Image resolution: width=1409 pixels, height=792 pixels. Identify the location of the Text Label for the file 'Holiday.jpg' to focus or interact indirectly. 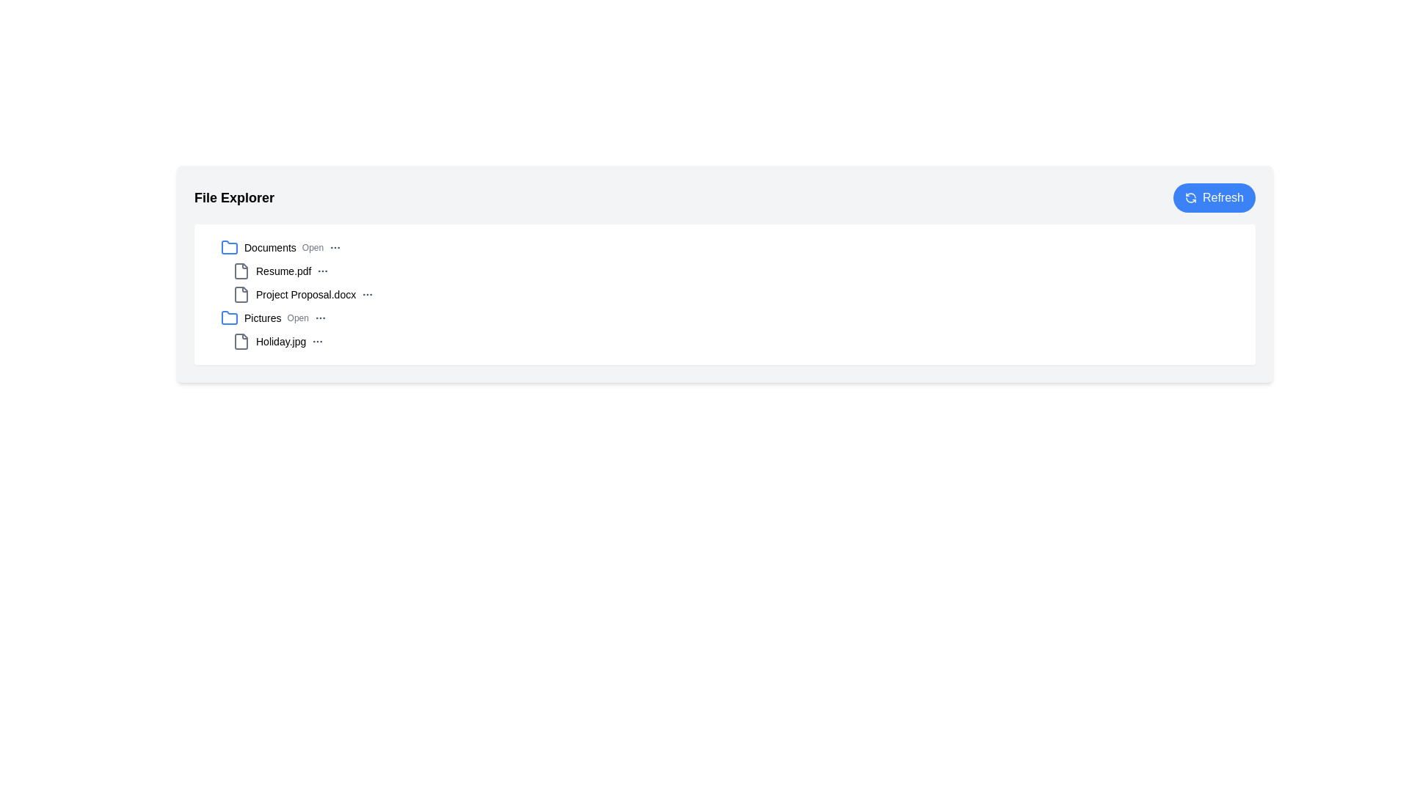
(281, 342).